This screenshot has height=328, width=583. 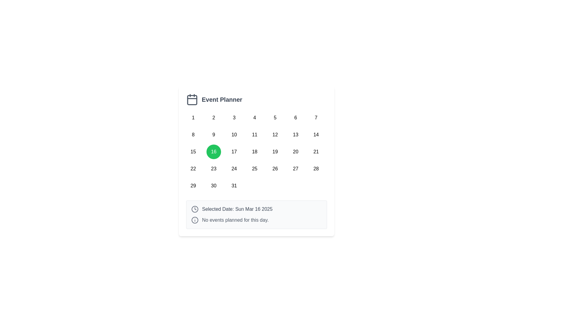 I want to click on the calendar button representing the date '16', so click(x=213, y=152).